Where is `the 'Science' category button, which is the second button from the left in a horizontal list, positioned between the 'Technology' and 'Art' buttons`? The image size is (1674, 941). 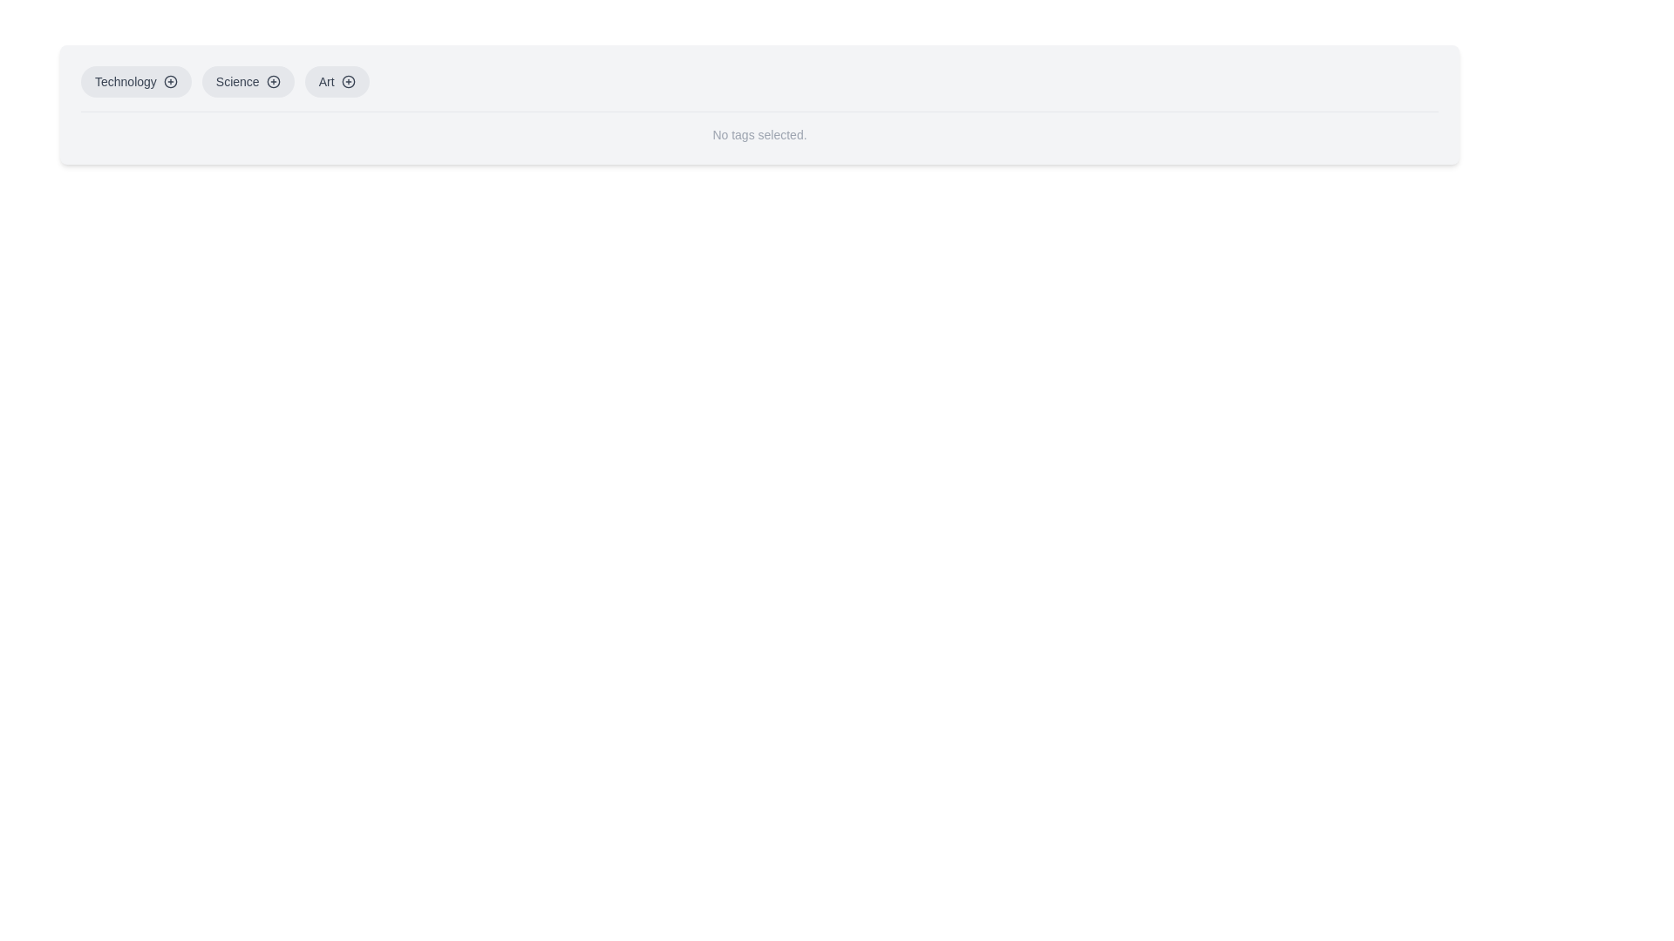 the 'Science' category button, which is the second button from the left in a horizontal list, positioned between the 'Technology' and 'Art' buttons is located at coordinates (236, 81).